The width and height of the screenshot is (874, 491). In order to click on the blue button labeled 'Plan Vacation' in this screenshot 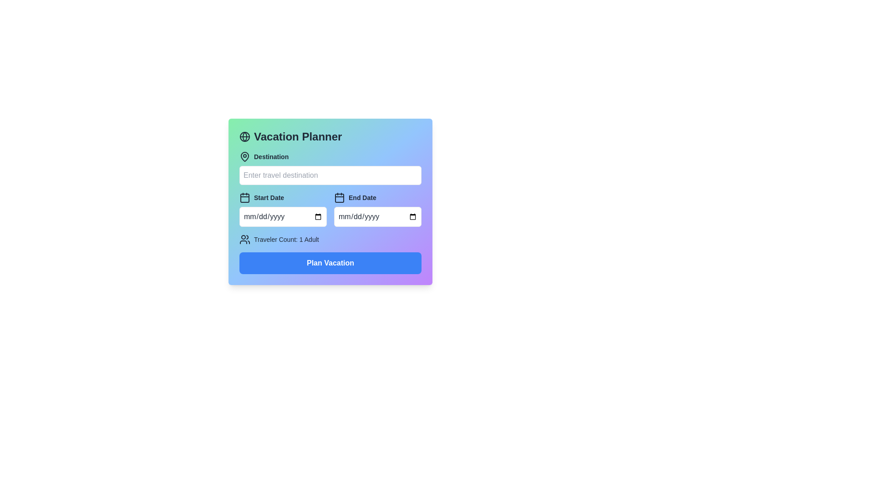, I will do `click(330, 263)`.